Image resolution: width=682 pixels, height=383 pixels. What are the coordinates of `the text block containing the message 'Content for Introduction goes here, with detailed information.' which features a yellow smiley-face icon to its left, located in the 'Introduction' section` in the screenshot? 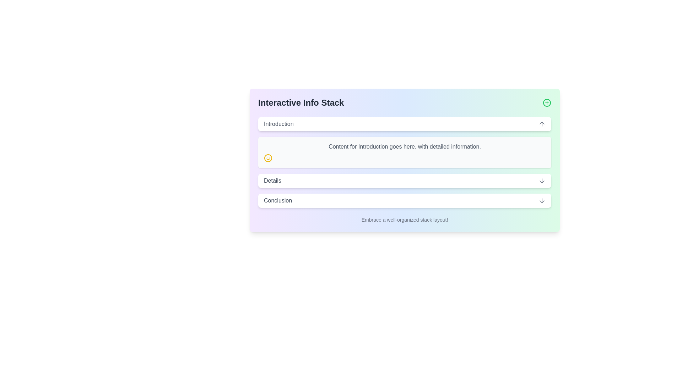 It's located at (405, 142).